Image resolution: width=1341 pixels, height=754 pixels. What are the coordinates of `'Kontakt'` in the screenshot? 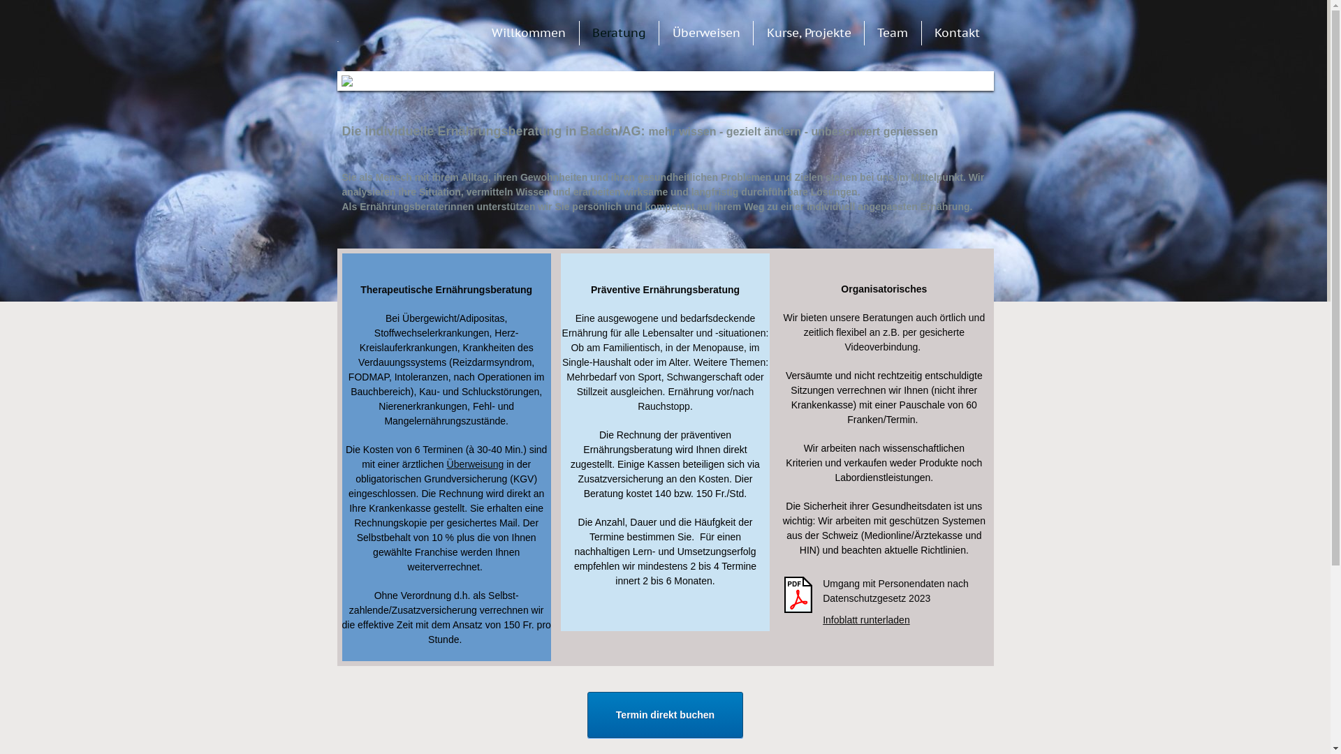 It's located at (956, 31).